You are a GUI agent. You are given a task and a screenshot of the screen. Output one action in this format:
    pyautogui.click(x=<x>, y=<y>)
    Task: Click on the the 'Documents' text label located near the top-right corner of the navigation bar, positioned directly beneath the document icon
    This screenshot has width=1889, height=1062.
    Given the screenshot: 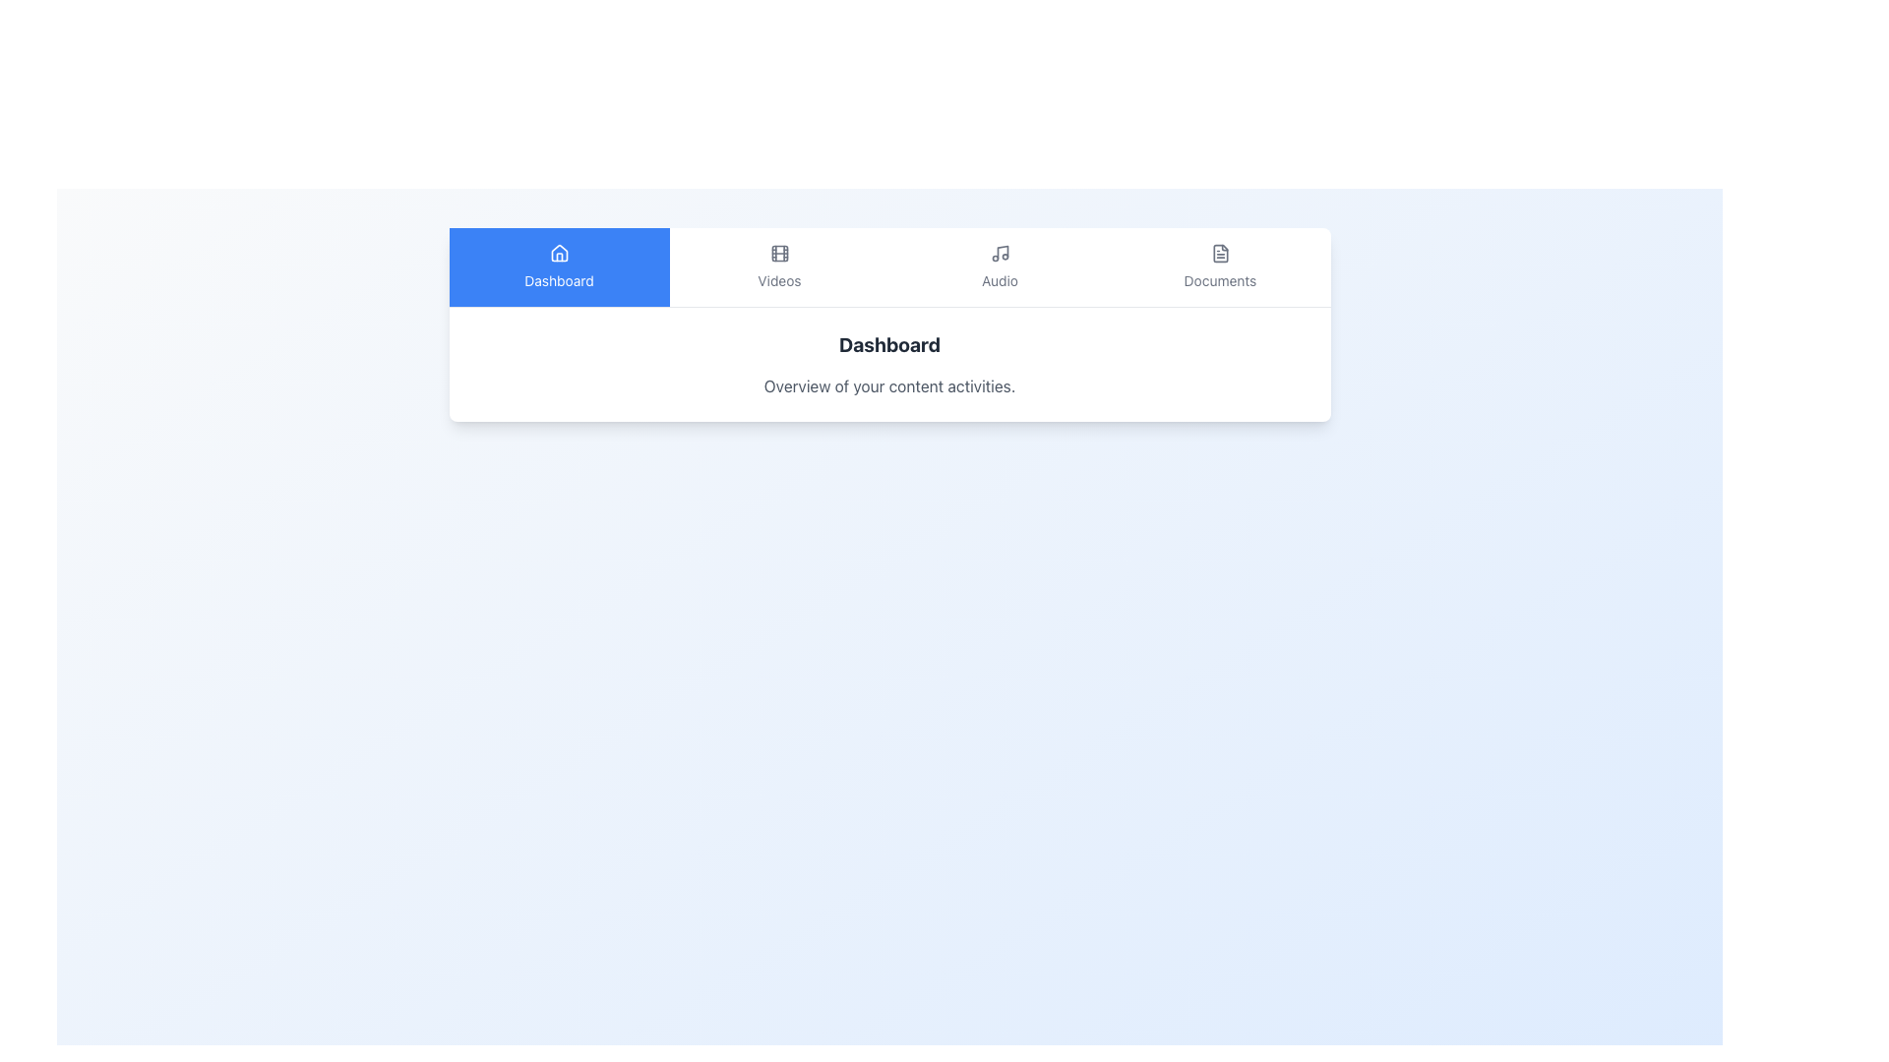 What is the action you would take?
    pyautogui.click(x=1219, y=280)
    